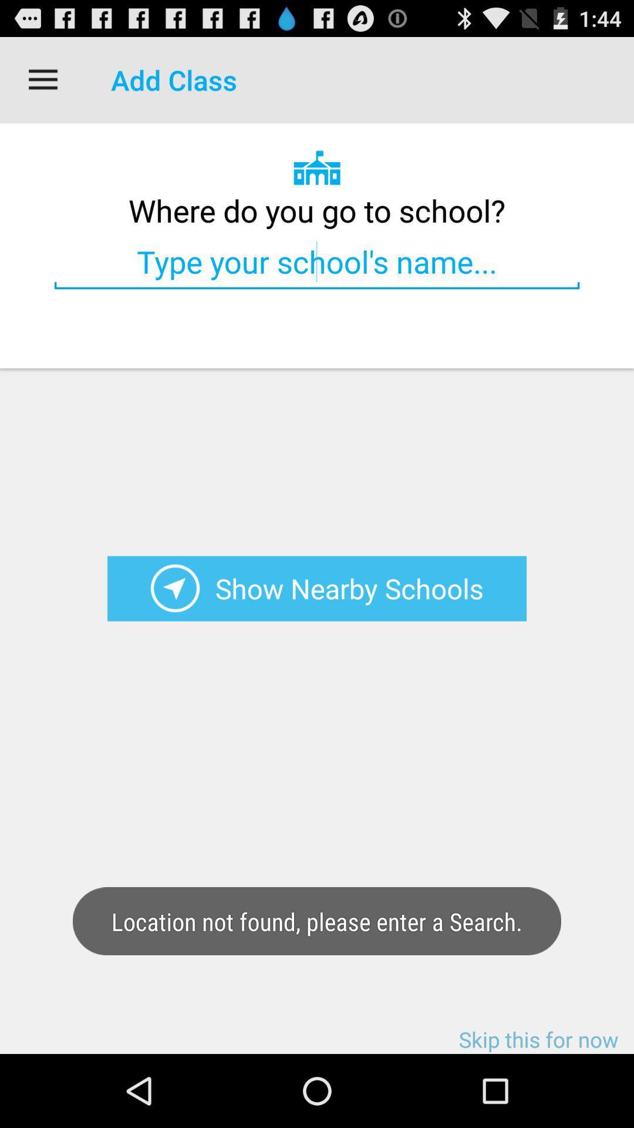 The height and width of the screenshot is (1128, 634). What do you see at coordinates (175, 589) in the screenshot?
I see `use my location` at bounding box center [175, 589].